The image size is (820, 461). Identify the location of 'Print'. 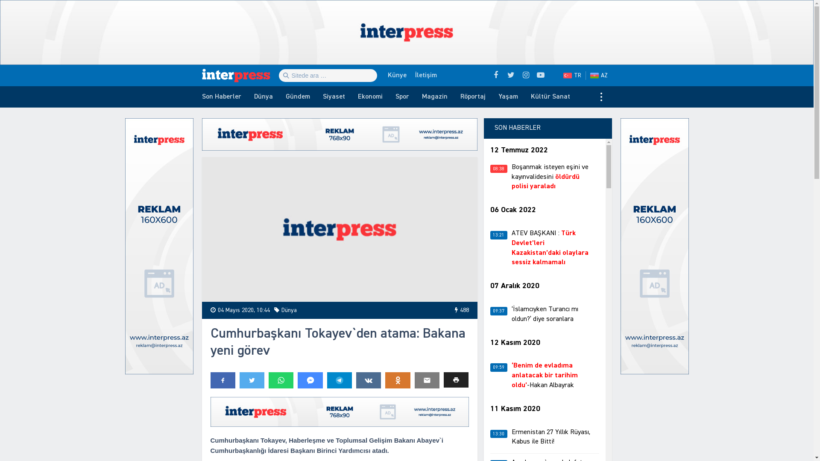
(456, 379).